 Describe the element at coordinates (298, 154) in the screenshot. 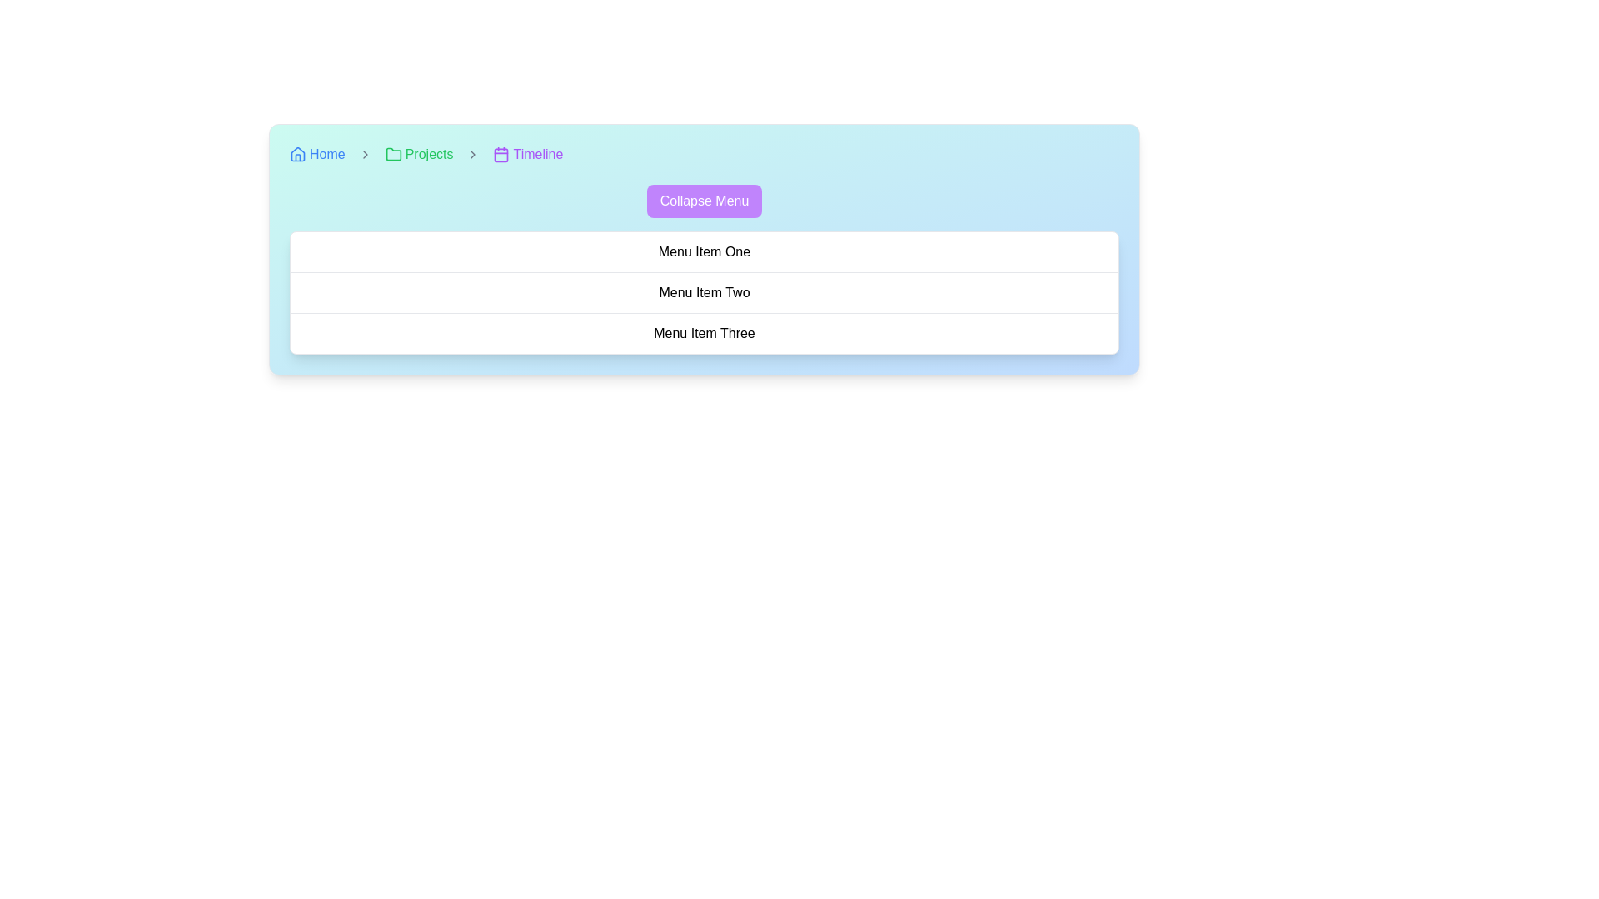

I see `the decorative 'Home' icon located at the top-left corner of the breadcrumb navigation bar, which is positioned to the left of the 'Home' text link` at that location.